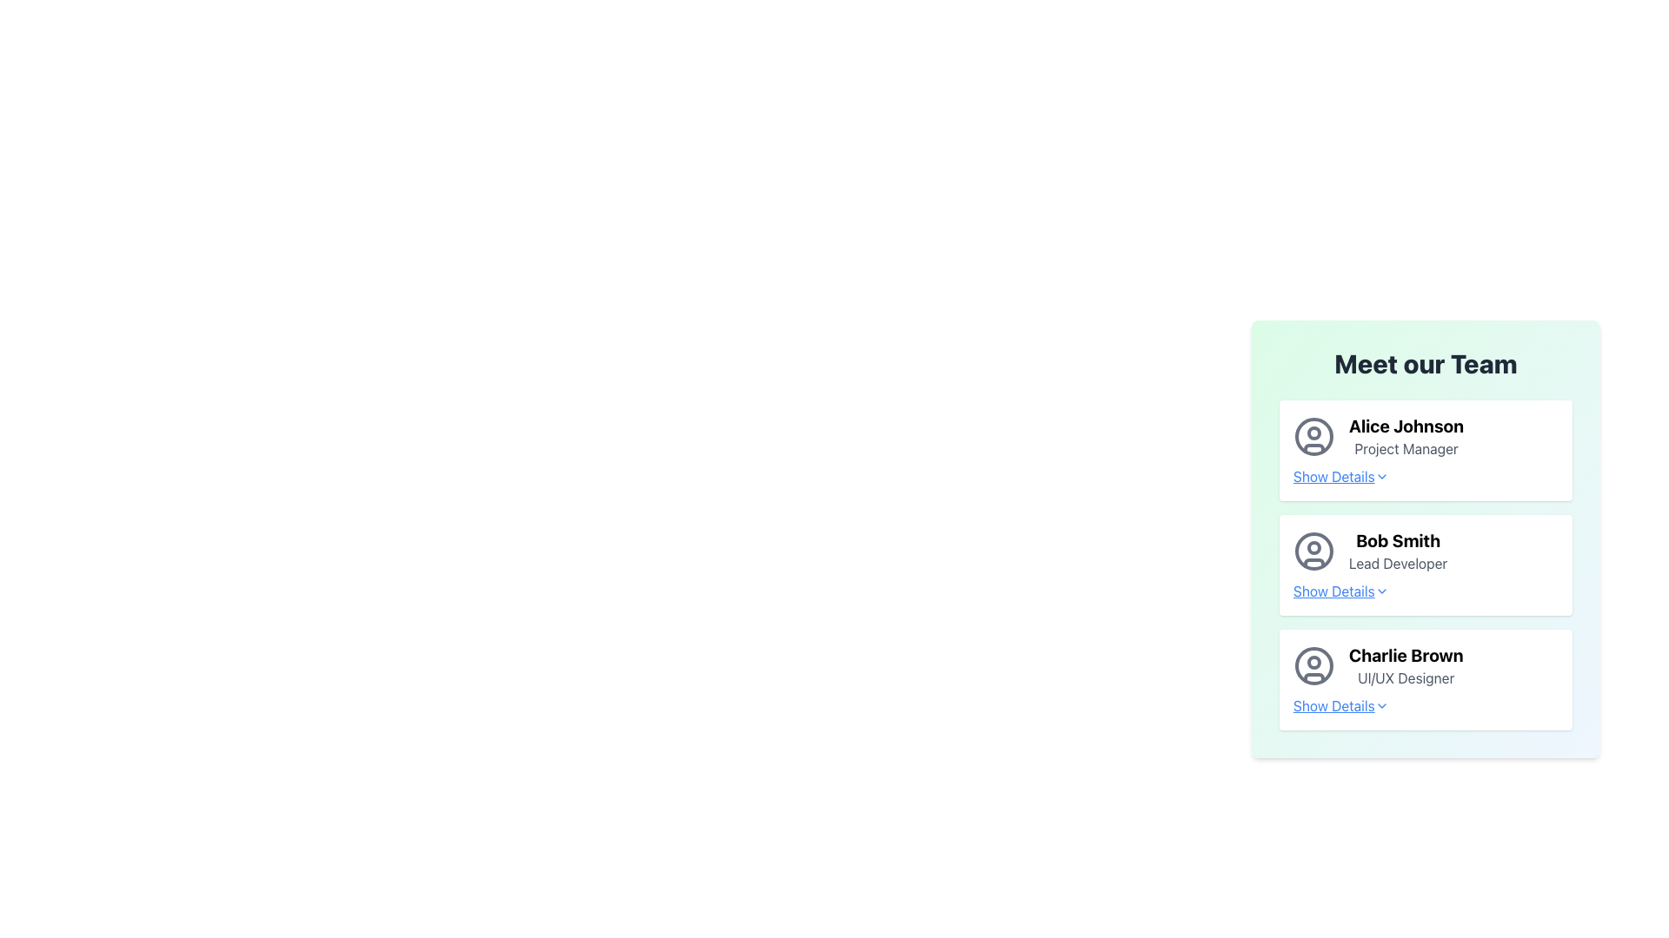 The width and height of the screenshot is (1669, 938). What do you see at coordinates (1314, 435) in the screenshot?
I see `the circular user icon located next to 'Alice Johnson' and 'Project Manager' in the first card under 'Meet our Team.'` at bounding box center [1314, 435].